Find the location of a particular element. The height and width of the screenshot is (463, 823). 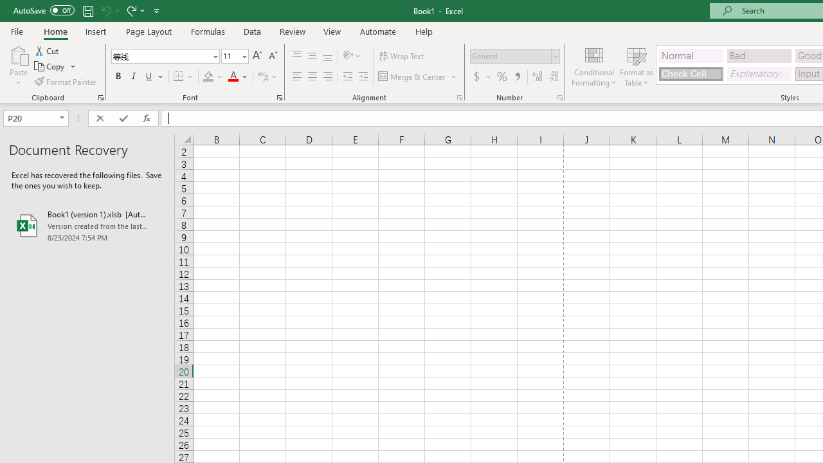

'Orientation' is located at coordinates (352, 55).